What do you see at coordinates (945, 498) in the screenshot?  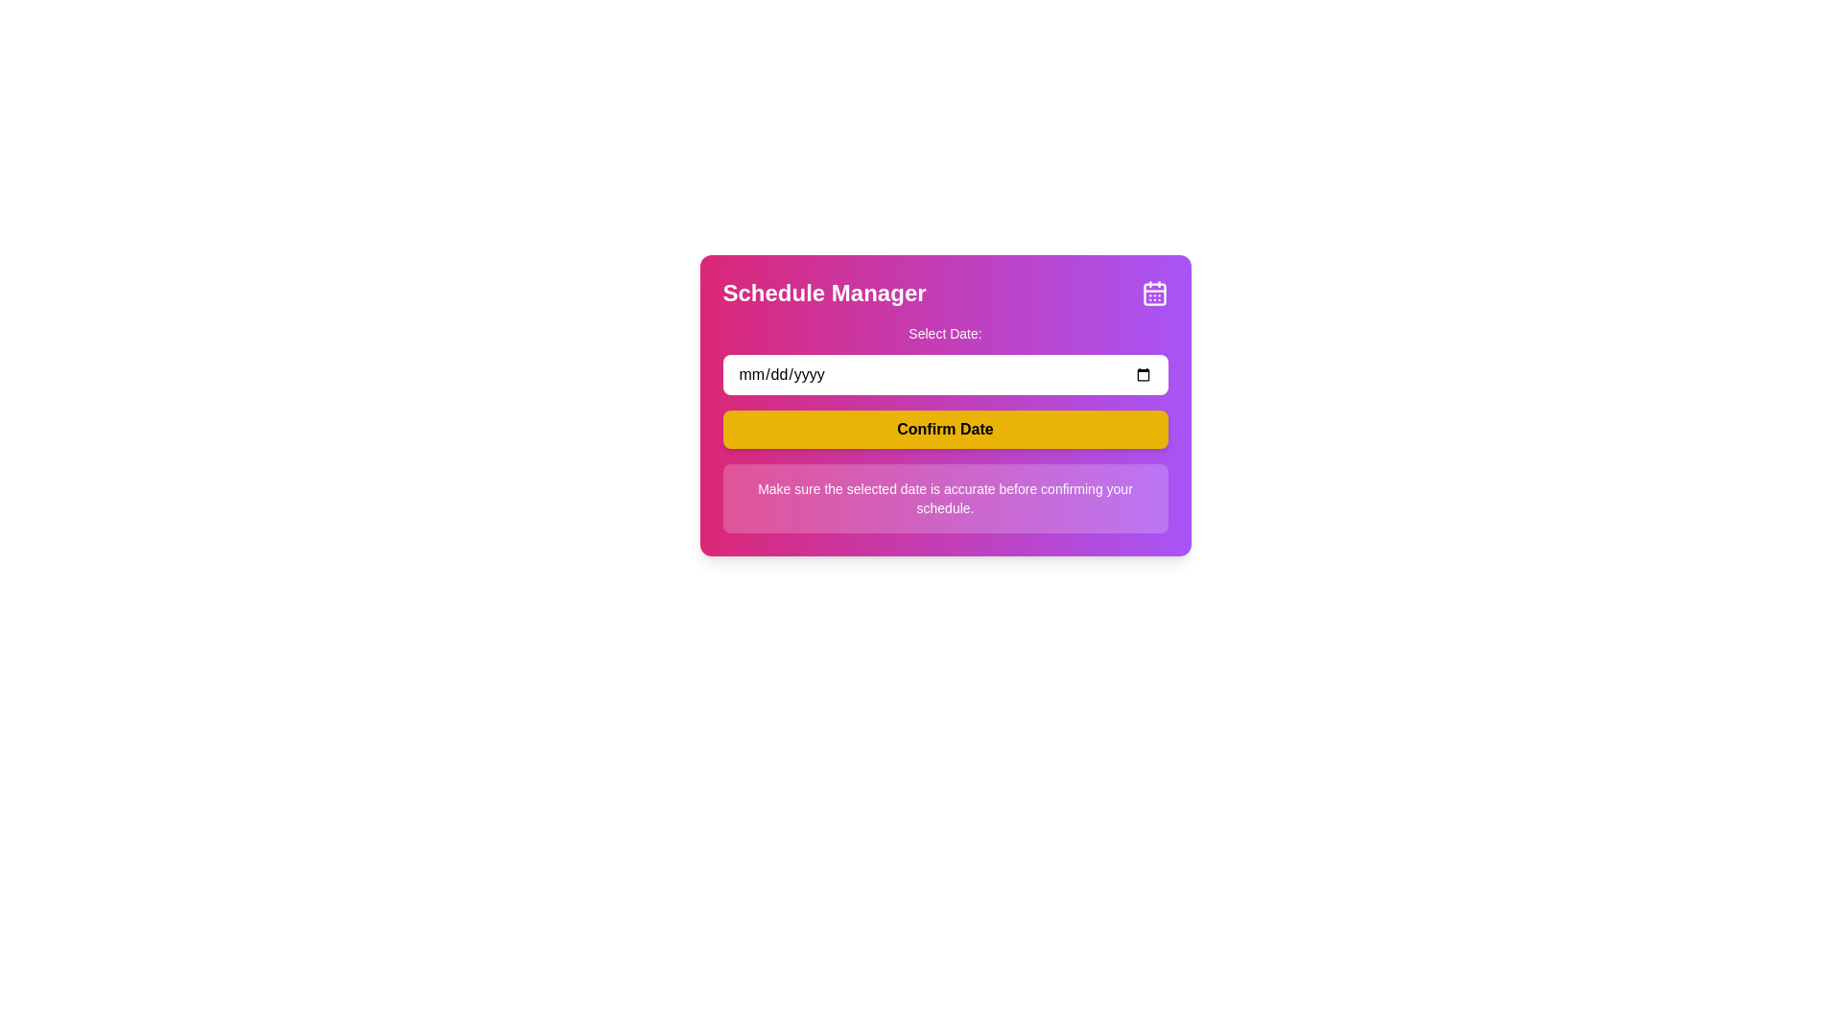 I see `the informational text block that reminds users to check the accuracy of the selected date, located below the 'Confirm Date' button` at bounding box center [945, 498].